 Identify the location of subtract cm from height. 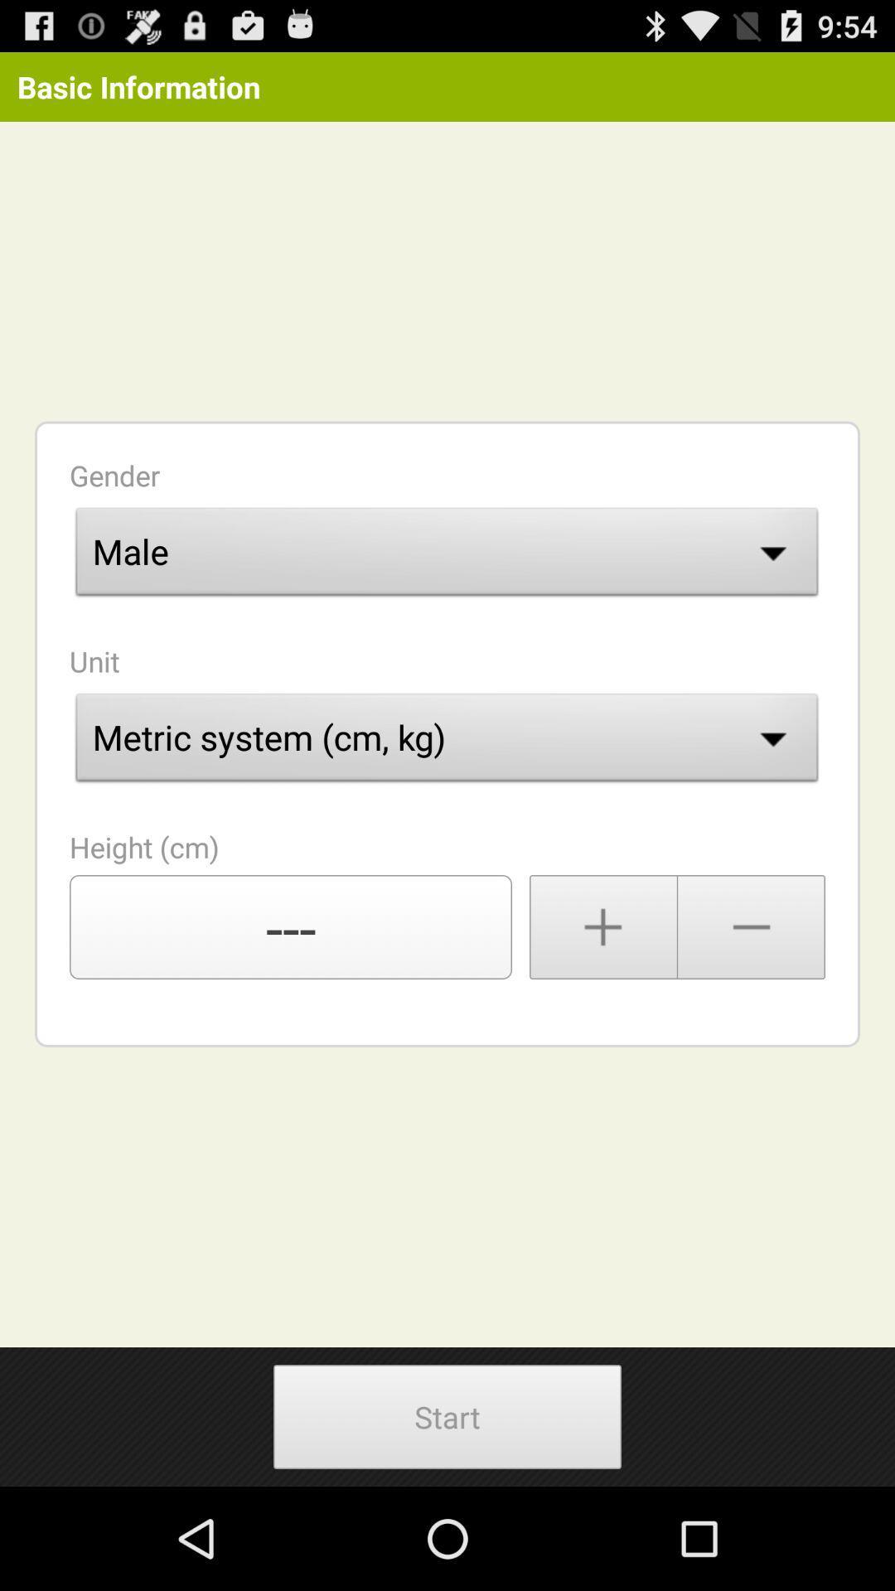
(752, 926).